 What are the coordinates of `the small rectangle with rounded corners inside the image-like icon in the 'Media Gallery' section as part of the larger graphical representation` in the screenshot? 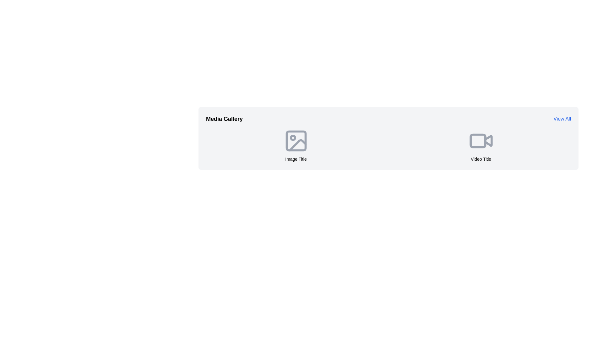 It's located at (296, 140).